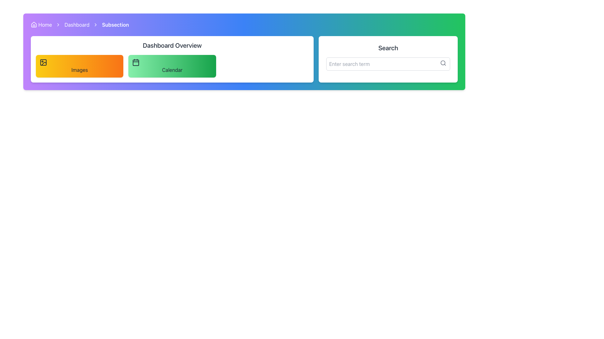 This screenshot has width=604, height=339. What do you see at coordinates (443, 63) in the screenshot?
I see `the search icon button resembling a magnifying glass at the far-right end of the input field labeled 'Enter search term' to trigger tooltip or animation effects` at bounding box center [443, 63].